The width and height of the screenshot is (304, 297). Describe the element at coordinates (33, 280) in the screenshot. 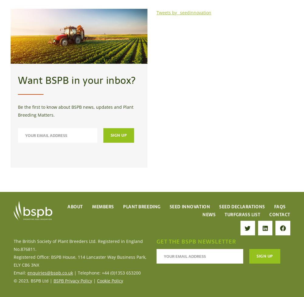

I see `'© 2023, BSPB Ltd |'` at that location.